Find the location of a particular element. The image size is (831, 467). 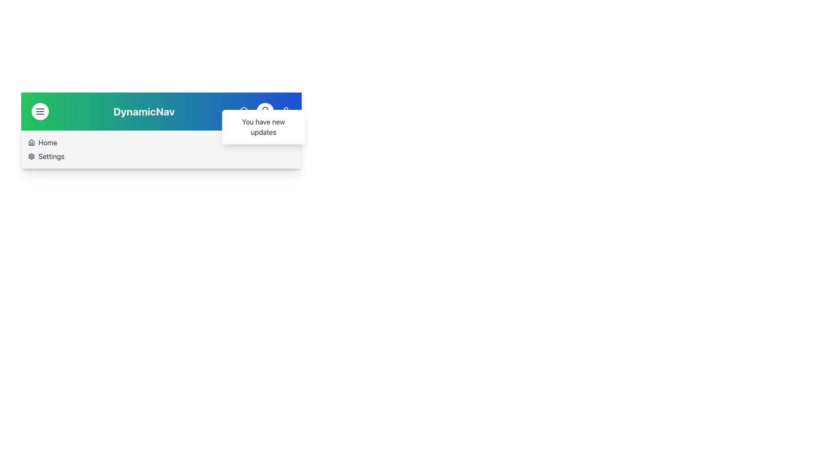

the notification bell icon located in the navigation bar is located at coordinates (265, 111).